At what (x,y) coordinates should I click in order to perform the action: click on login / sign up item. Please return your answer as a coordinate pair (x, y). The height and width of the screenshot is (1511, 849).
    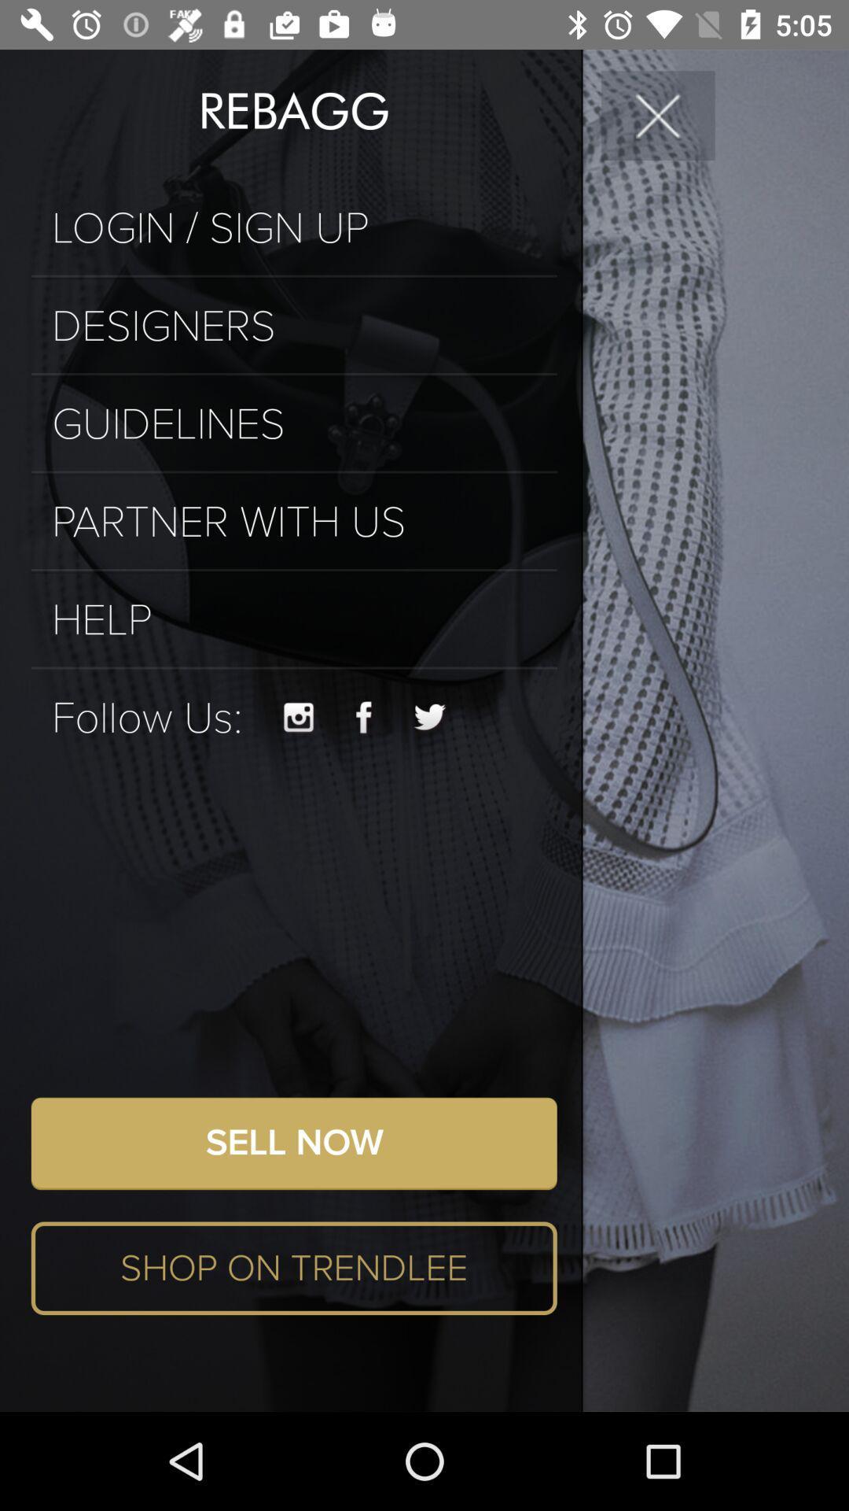
    Looking at the image, I should click on (294, 227).